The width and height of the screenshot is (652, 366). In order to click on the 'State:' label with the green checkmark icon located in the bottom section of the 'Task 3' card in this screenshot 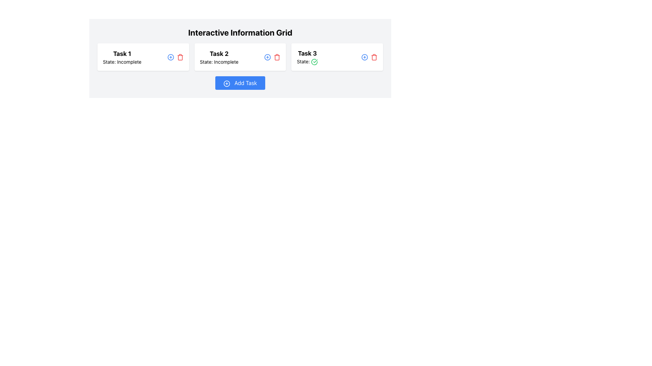, I will do `click(307, 62)`.